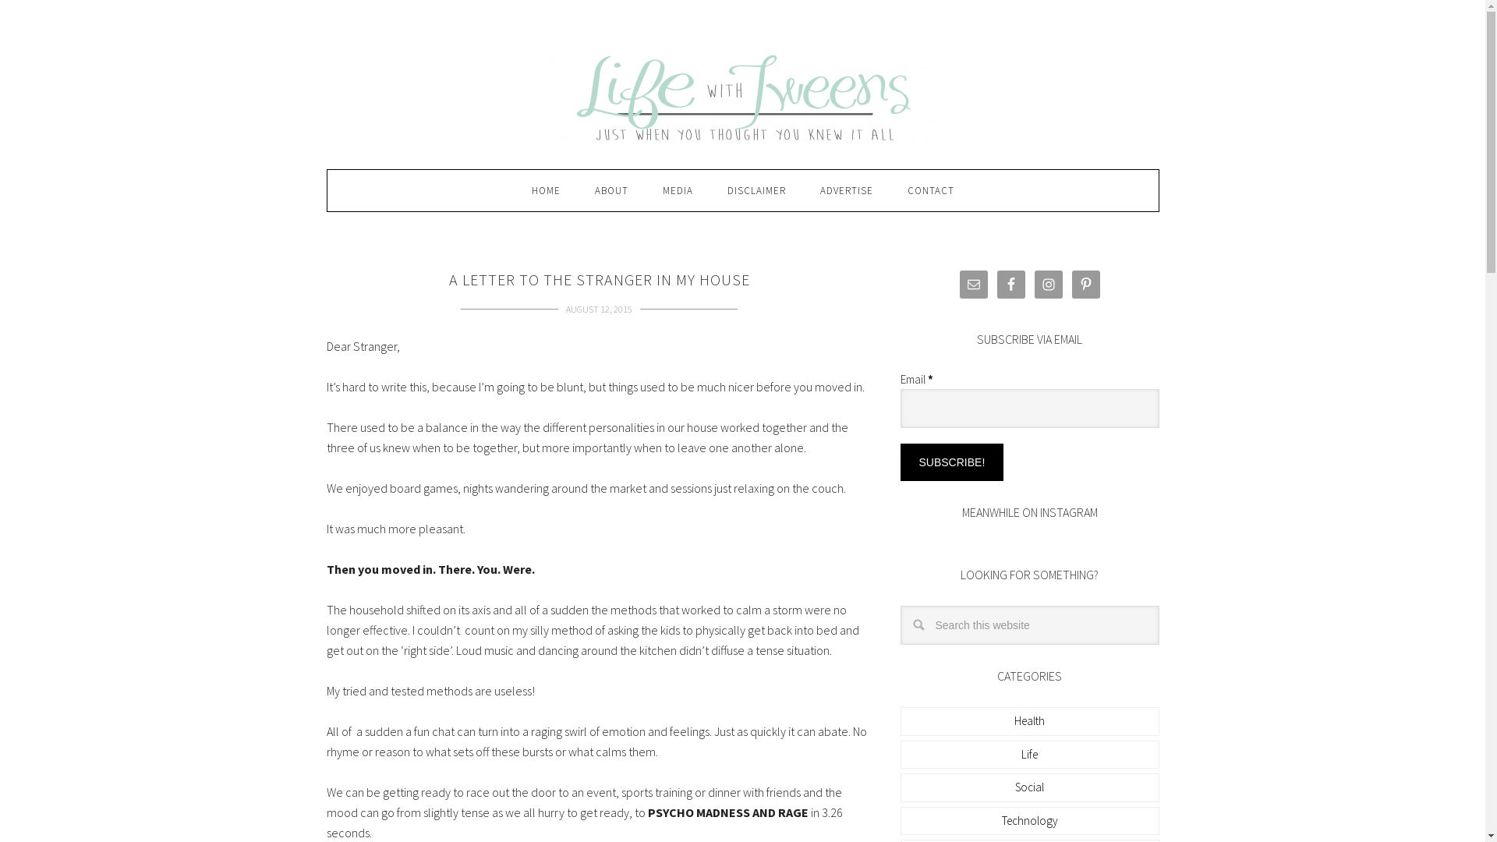 The height and width of the screenshot is (842, 1497). I want to click on 'DISCLAIMER', so click(756, 189).